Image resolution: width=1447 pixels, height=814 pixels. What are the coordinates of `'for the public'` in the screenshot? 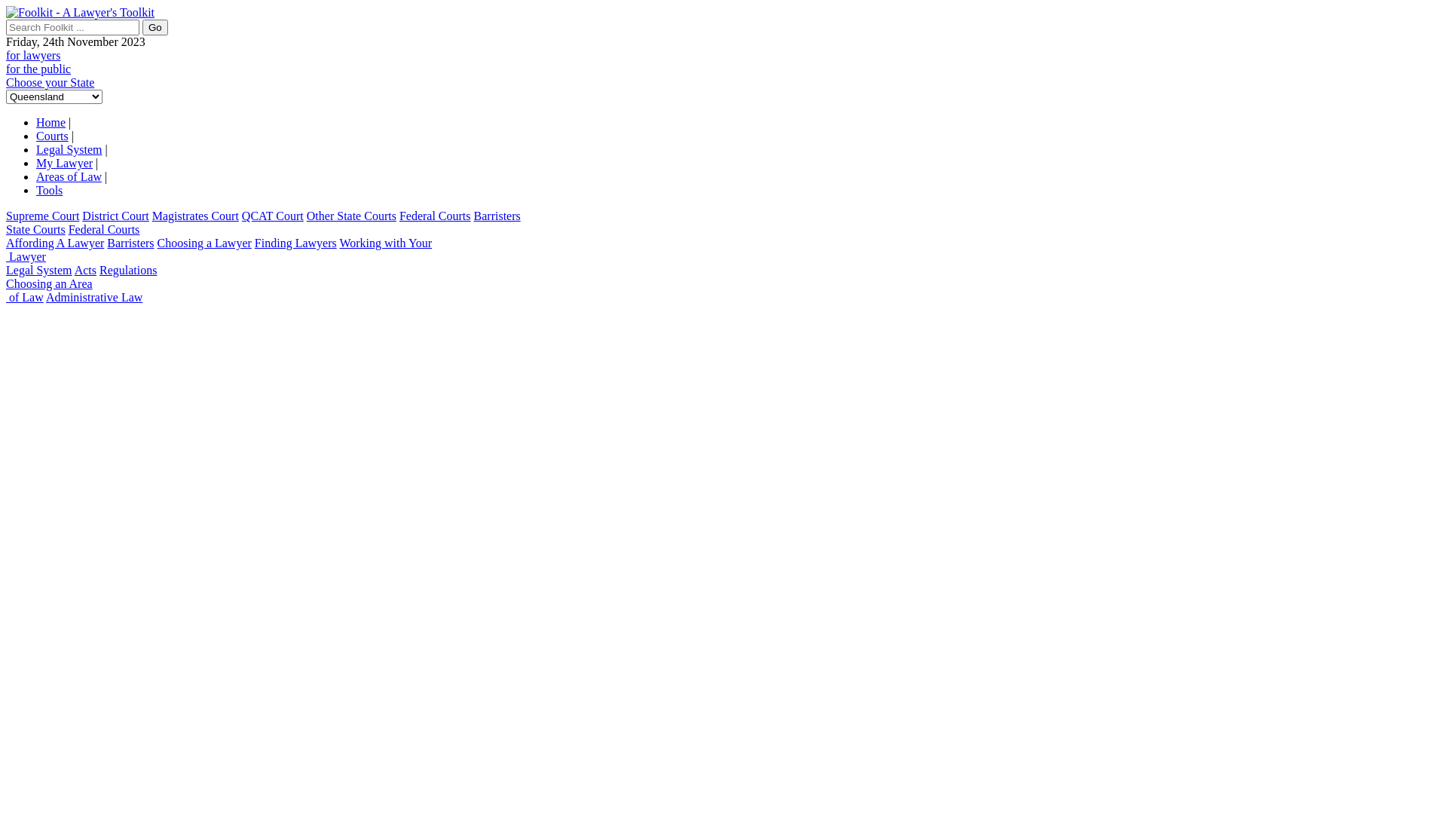 It's located at (6, 69).